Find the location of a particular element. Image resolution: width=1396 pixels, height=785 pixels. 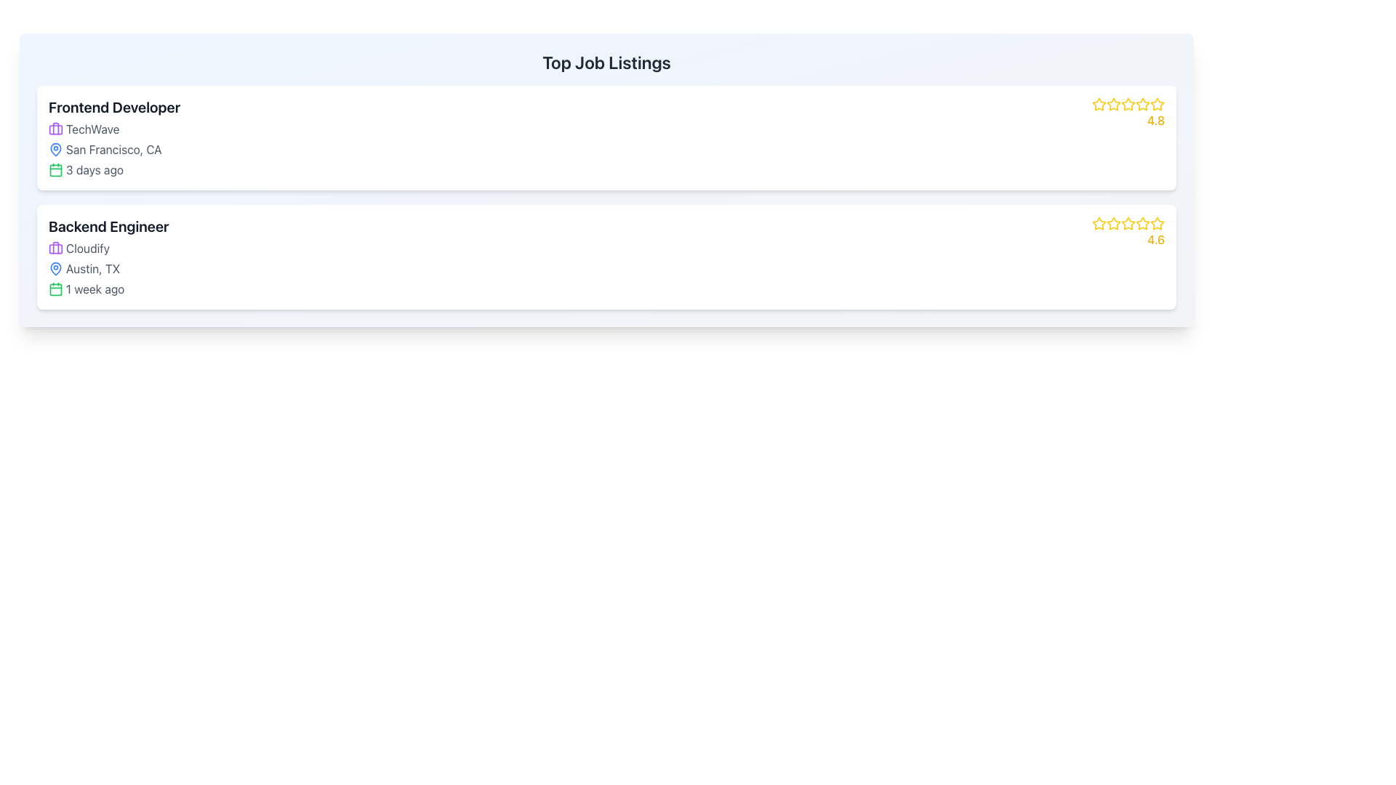

the first star-shaped icon with a yellow outline and white fill, representing a rating in the second job listing is located at coordinates (1099, 224).